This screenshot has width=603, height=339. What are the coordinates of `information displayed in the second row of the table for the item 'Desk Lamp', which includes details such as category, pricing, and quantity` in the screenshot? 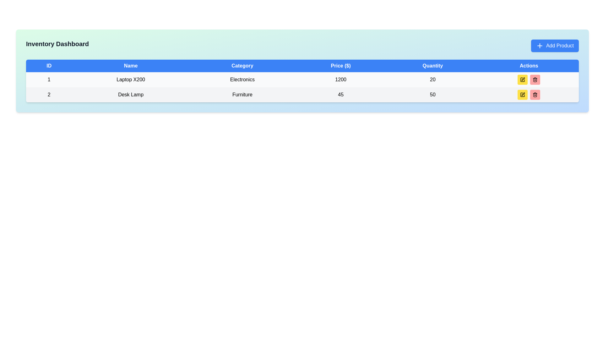 It's located at (302, 94).